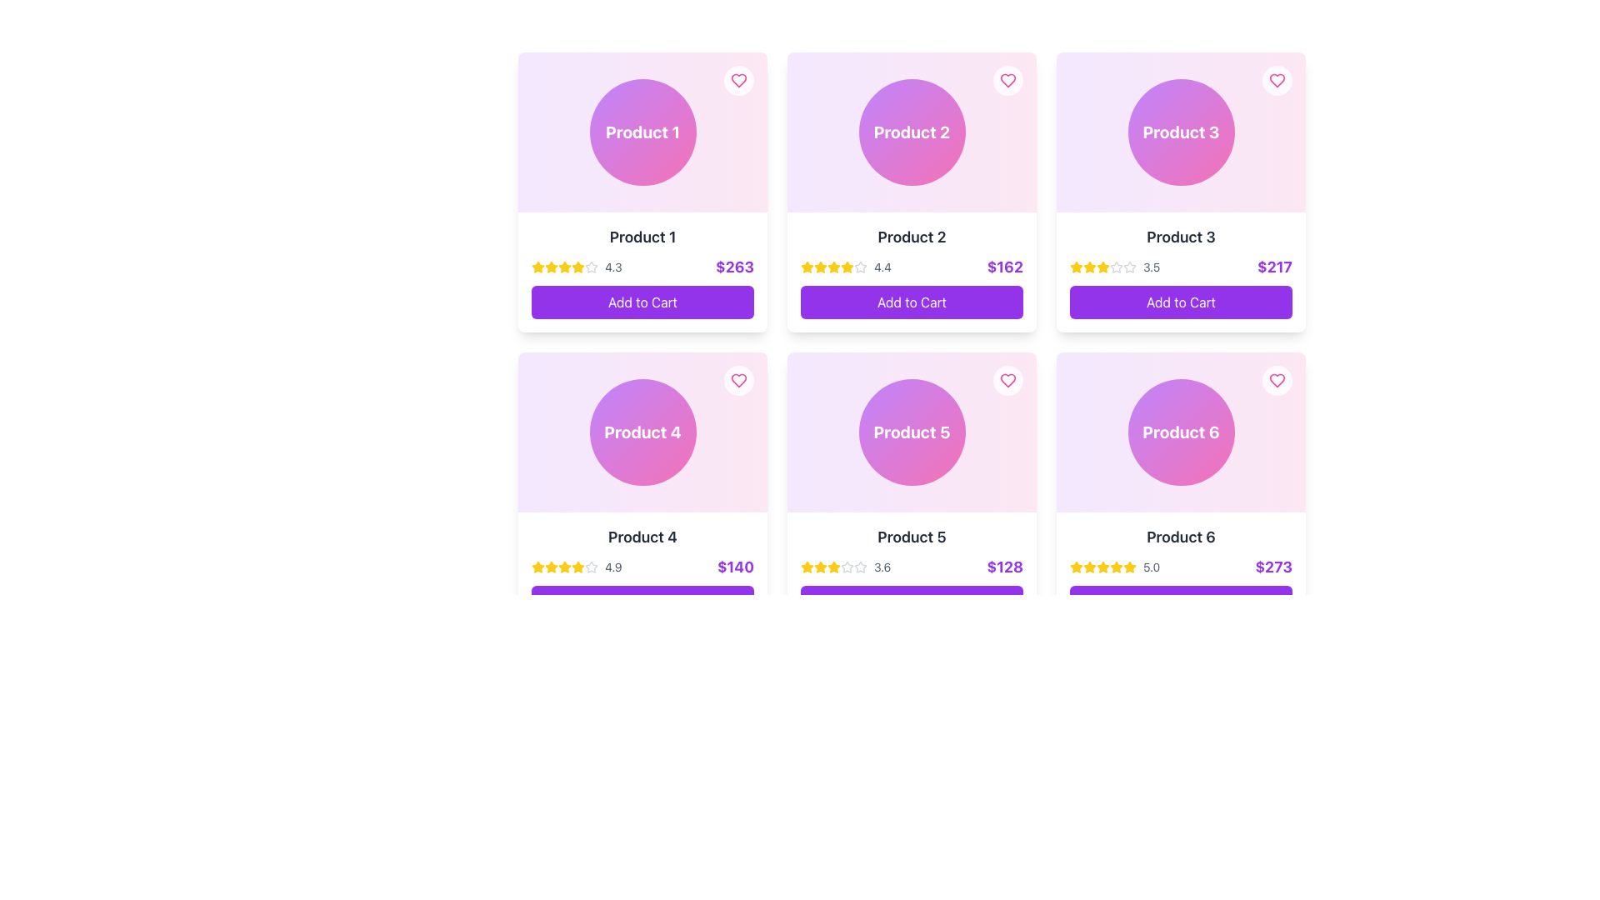  What do you see at coordinates (911, 567) in the screenshot?
I see `the Rating and price display component for 'Product 5', which shows a star rating of 3.6 and a price of $128` at bounding box center [911, 567].